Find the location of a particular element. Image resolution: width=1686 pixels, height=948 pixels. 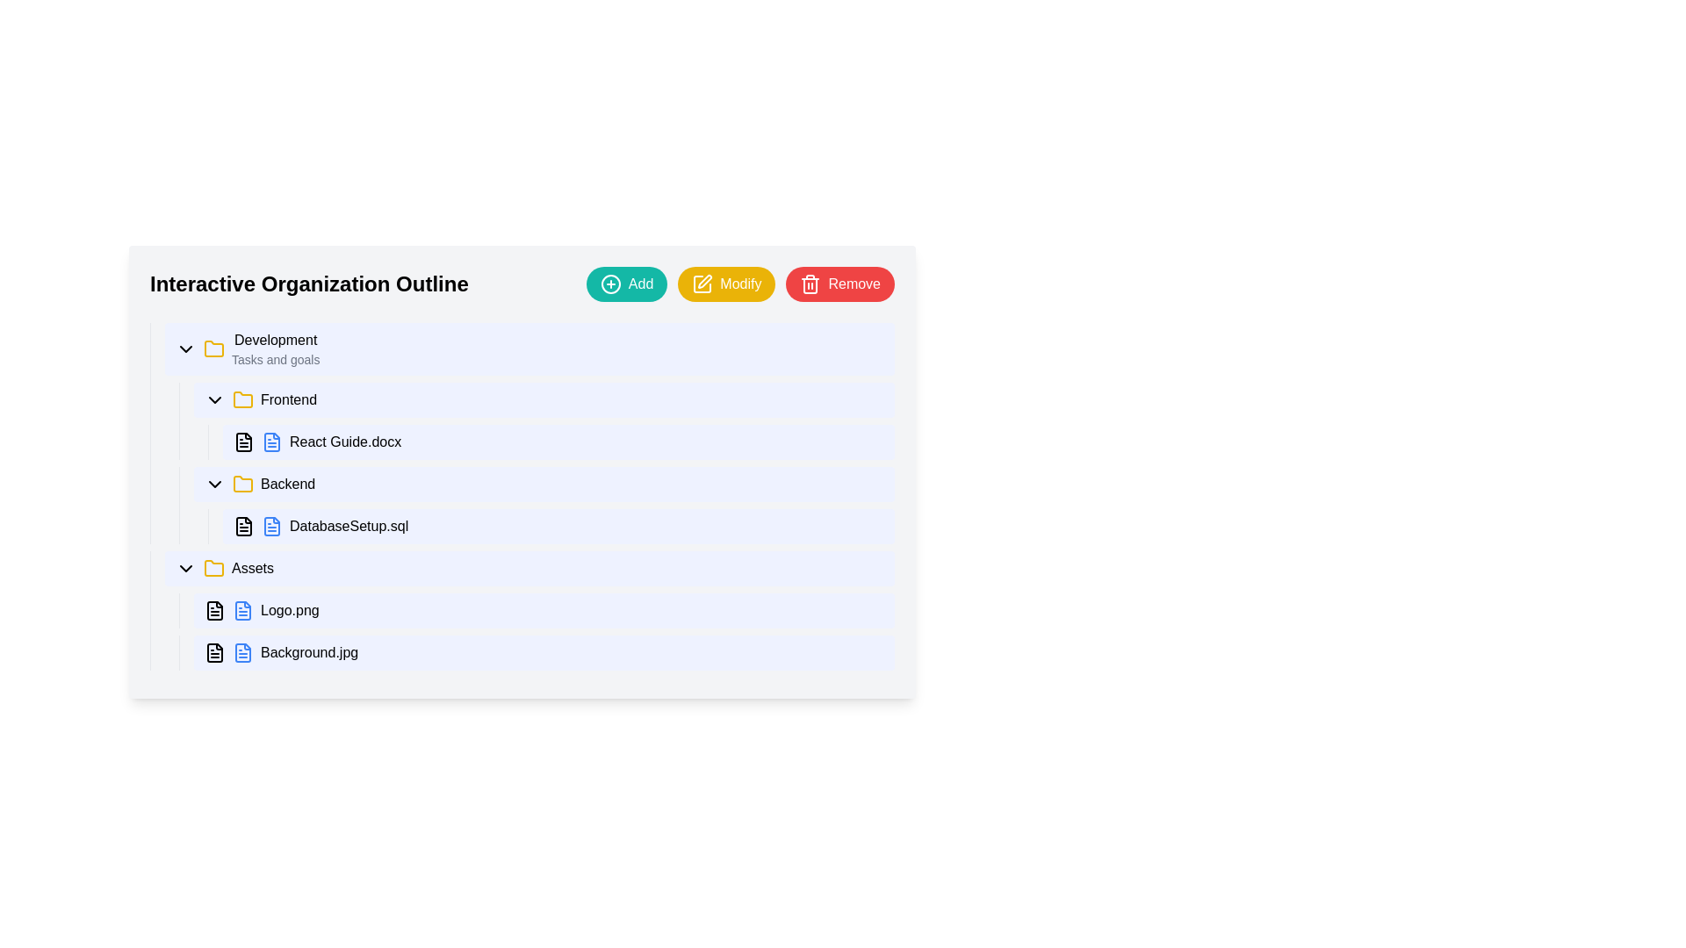

the Collapsible Folder Header for 'Development' is located at coordinates (529, 348).